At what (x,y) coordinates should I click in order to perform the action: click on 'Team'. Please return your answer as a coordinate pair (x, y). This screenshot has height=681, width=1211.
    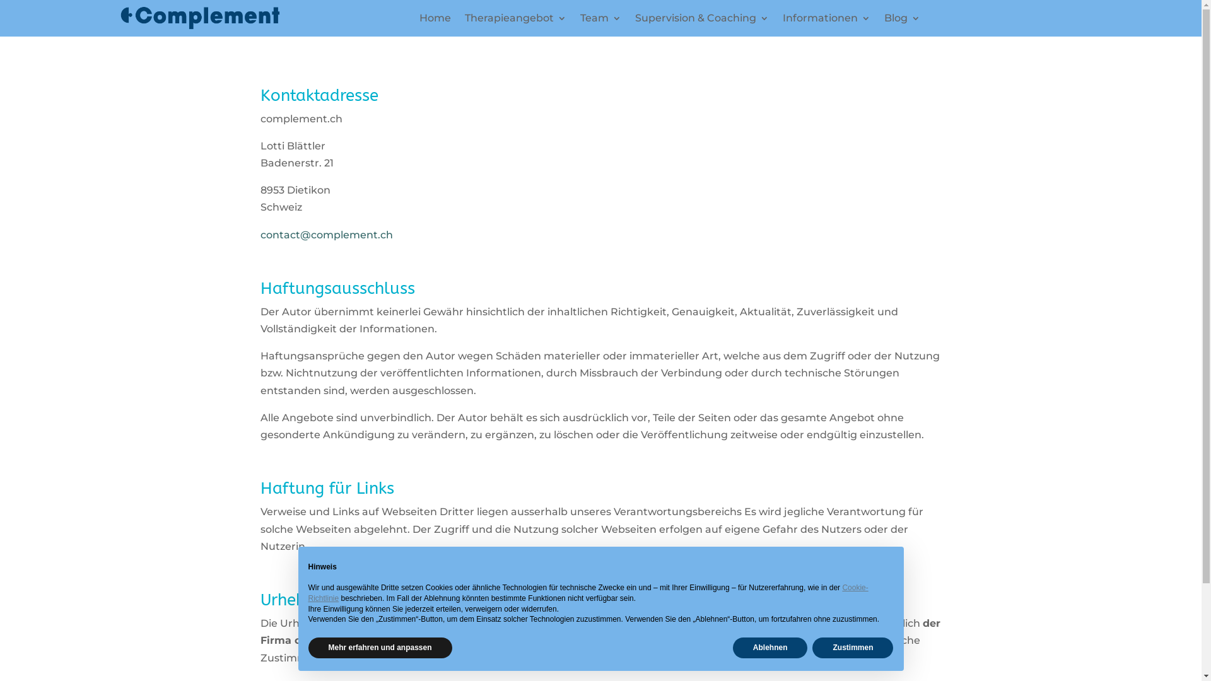
    Looking at the image, I should click on (600, 21).